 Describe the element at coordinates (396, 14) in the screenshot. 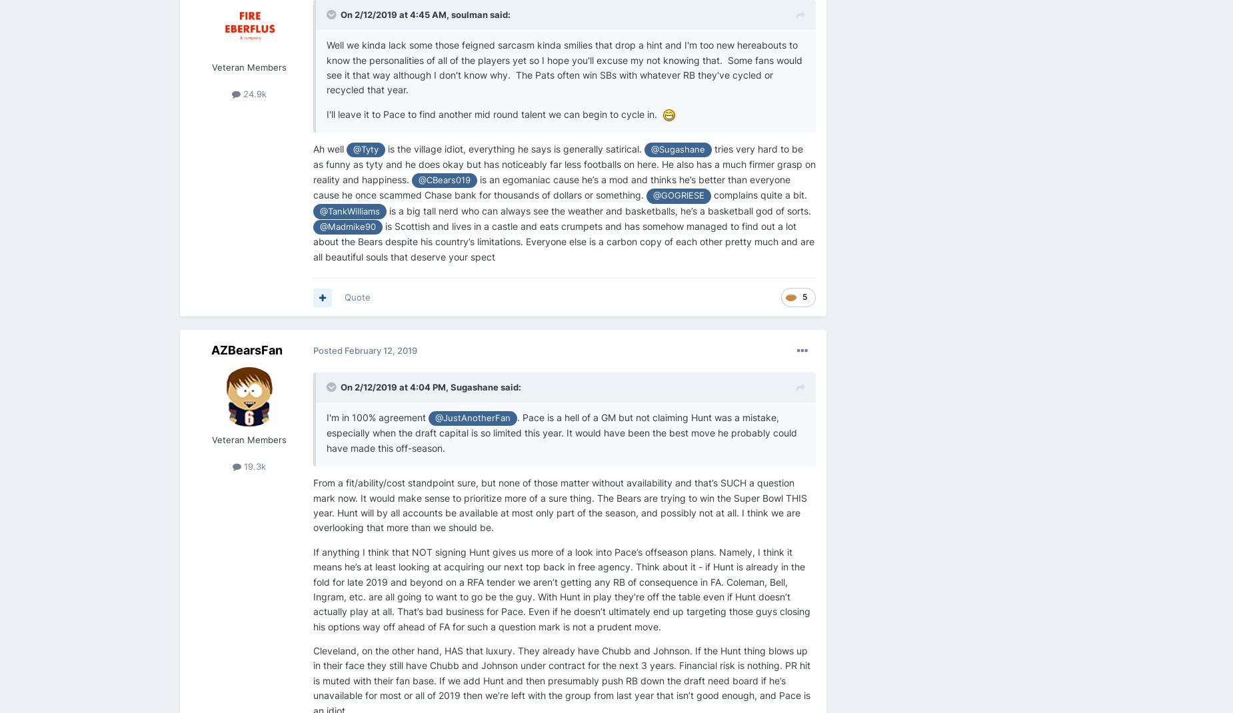

I see `'On 2/12/2019 at 4:45 AM,'` at that location.